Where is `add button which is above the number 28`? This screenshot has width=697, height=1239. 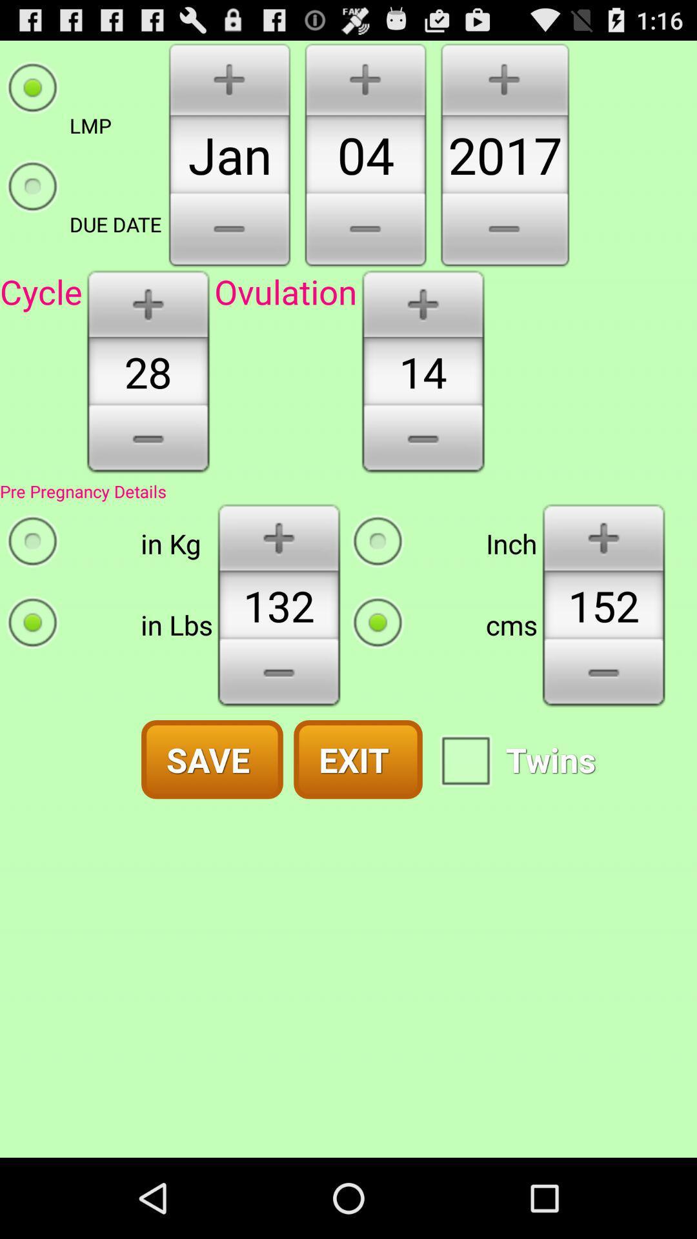
add button which is above the number 28 is located at coordinates (148, 302).